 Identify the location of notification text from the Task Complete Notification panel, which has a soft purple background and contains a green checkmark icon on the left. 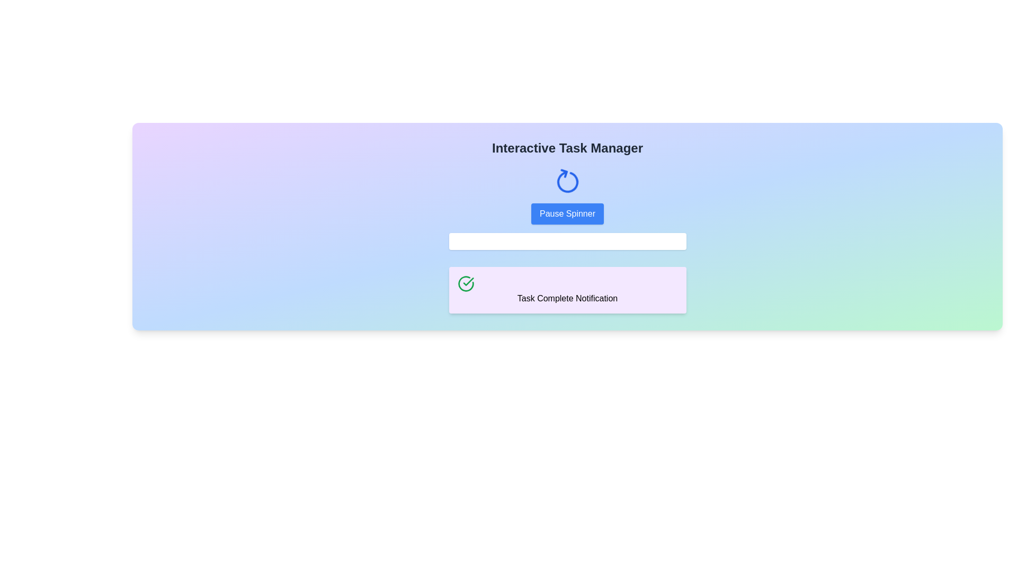
(567, 290).